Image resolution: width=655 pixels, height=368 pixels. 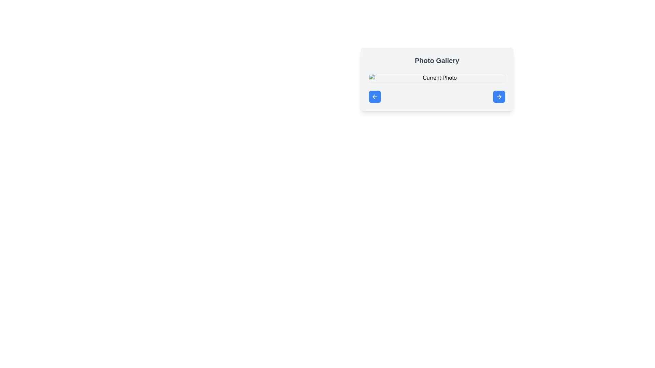 I want to click on the navigation button with a rounded blue background located at the bottom left of the 'Photo Gallery' interface, so click(x=375, y=97).